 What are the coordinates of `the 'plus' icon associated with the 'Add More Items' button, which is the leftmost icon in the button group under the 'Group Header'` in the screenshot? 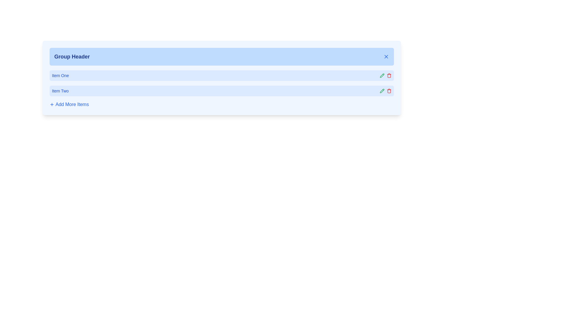 It's located at (52, 104).